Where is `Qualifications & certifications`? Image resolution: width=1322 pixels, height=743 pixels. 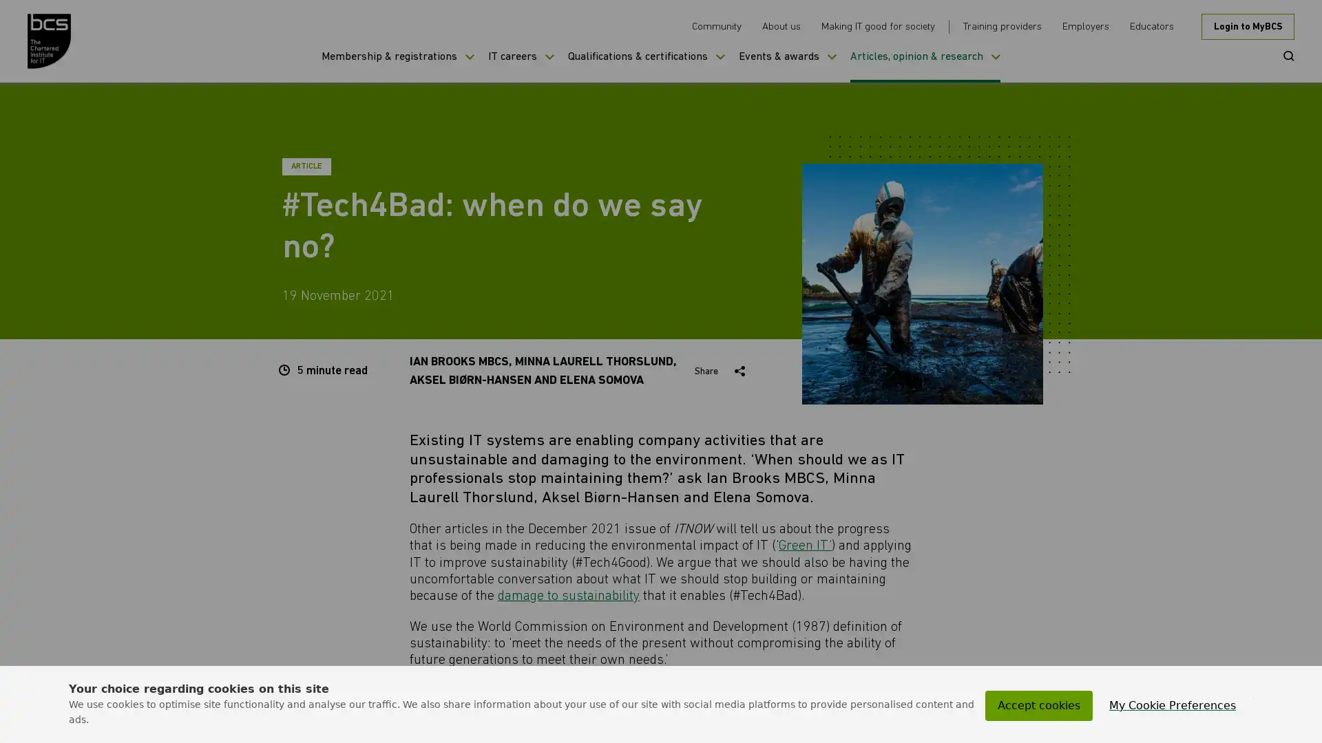
Qualifications & certifications is located at coordinates (646, 66).